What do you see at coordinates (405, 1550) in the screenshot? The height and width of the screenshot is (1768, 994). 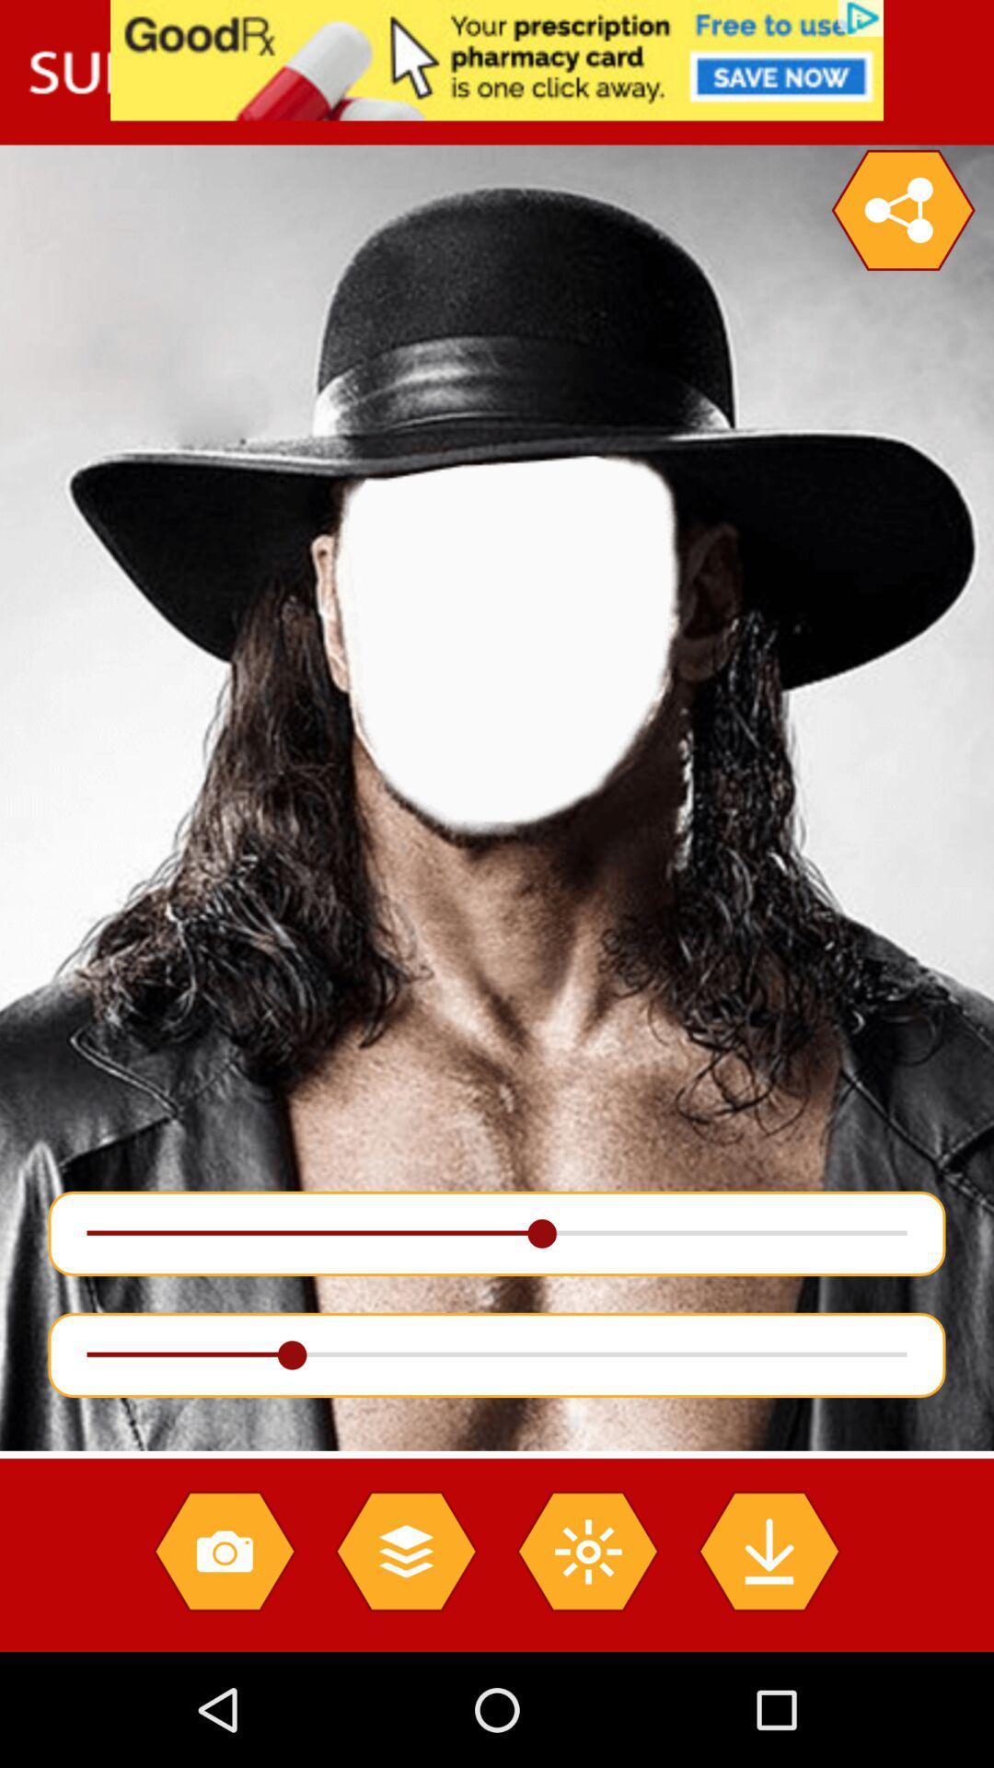 I see `stack layers` at bounding box center [405, 1550].